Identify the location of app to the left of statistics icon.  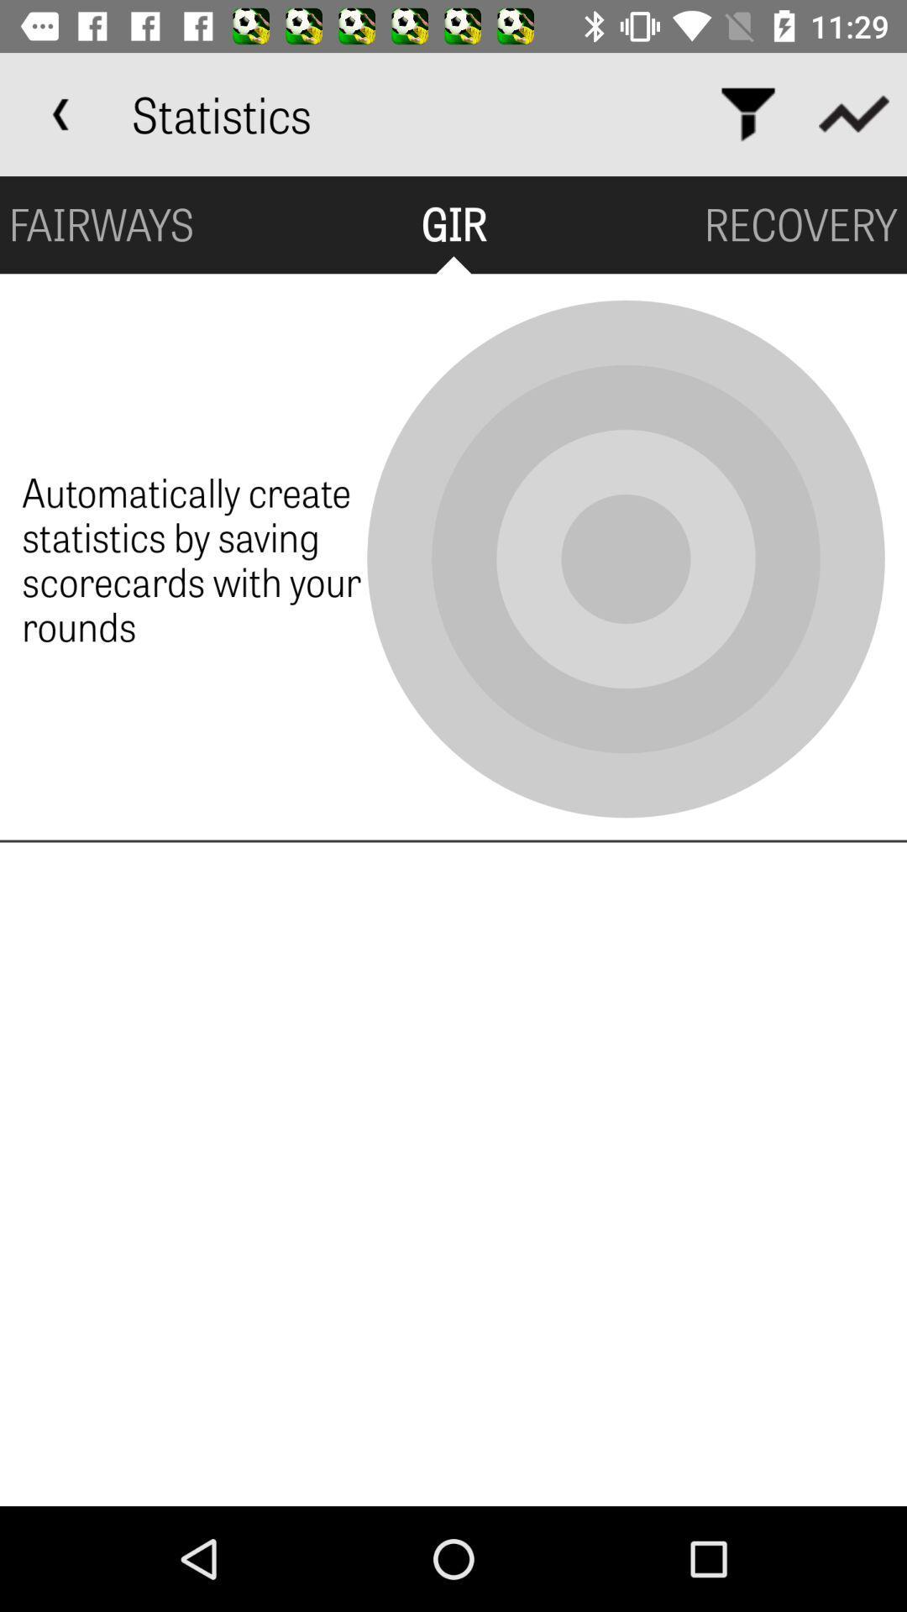
(60, 113).